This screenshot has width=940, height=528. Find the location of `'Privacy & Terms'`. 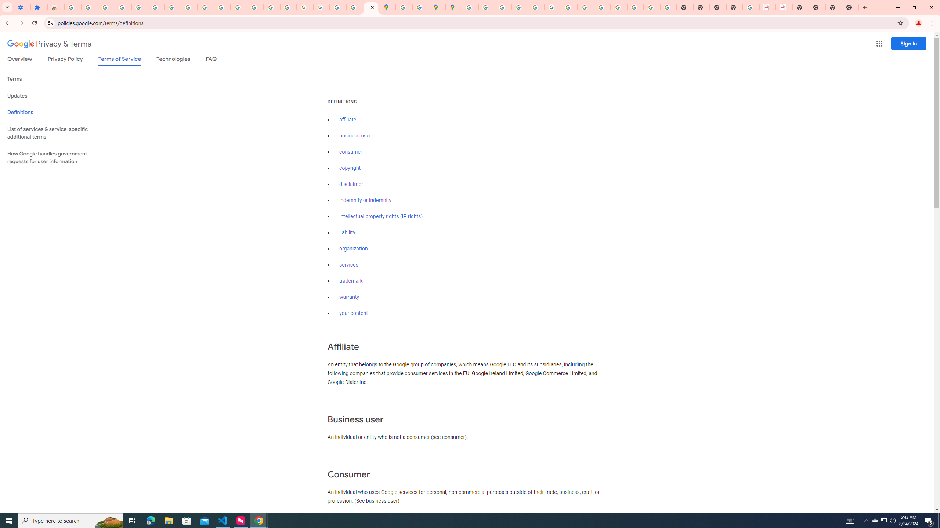

'Privacy & Terms' is located at coordinates (49, 44).